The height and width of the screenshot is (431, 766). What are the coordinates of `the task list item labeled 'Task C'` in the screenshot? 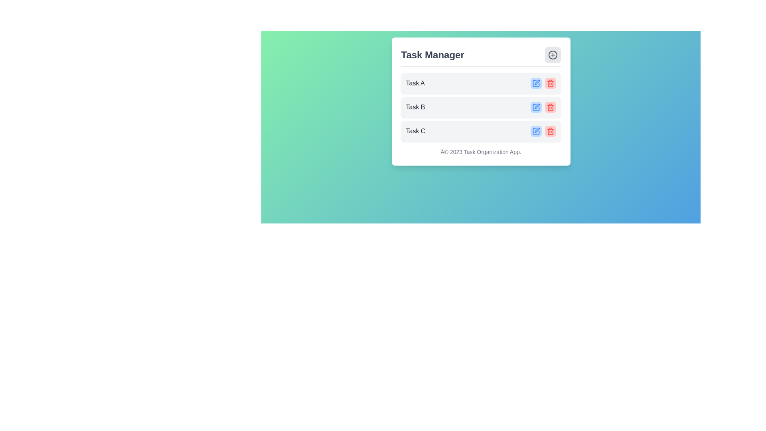 It's located at (480, 130).